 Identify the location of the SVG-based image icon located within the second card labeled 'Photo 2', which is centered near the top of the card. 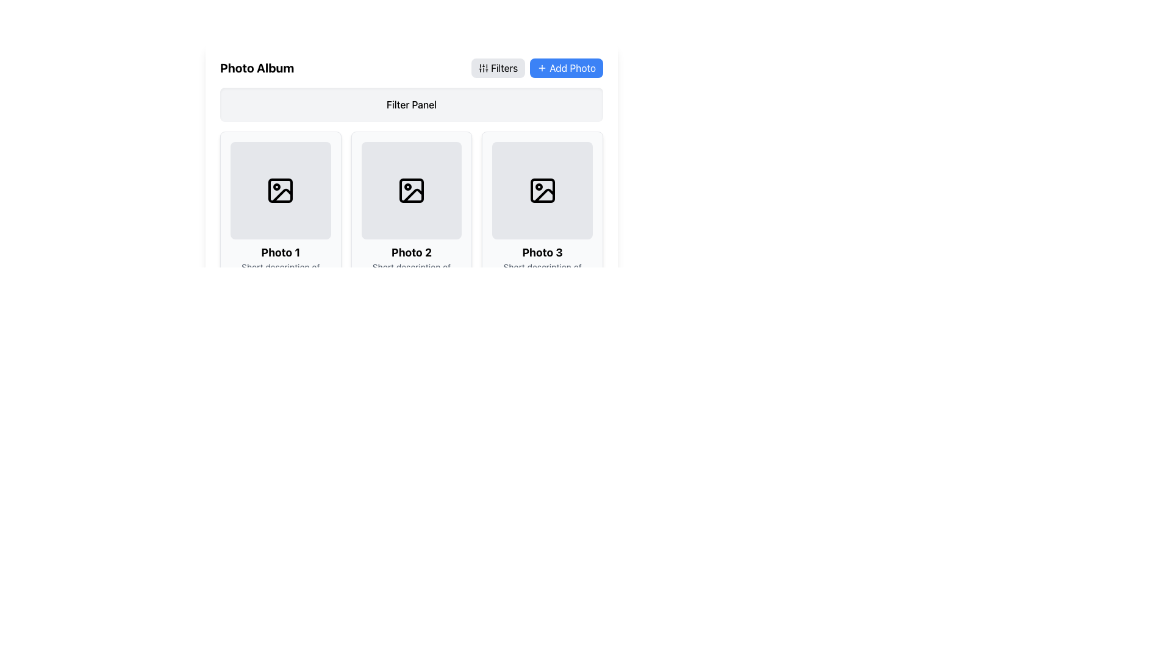
(412, 190).